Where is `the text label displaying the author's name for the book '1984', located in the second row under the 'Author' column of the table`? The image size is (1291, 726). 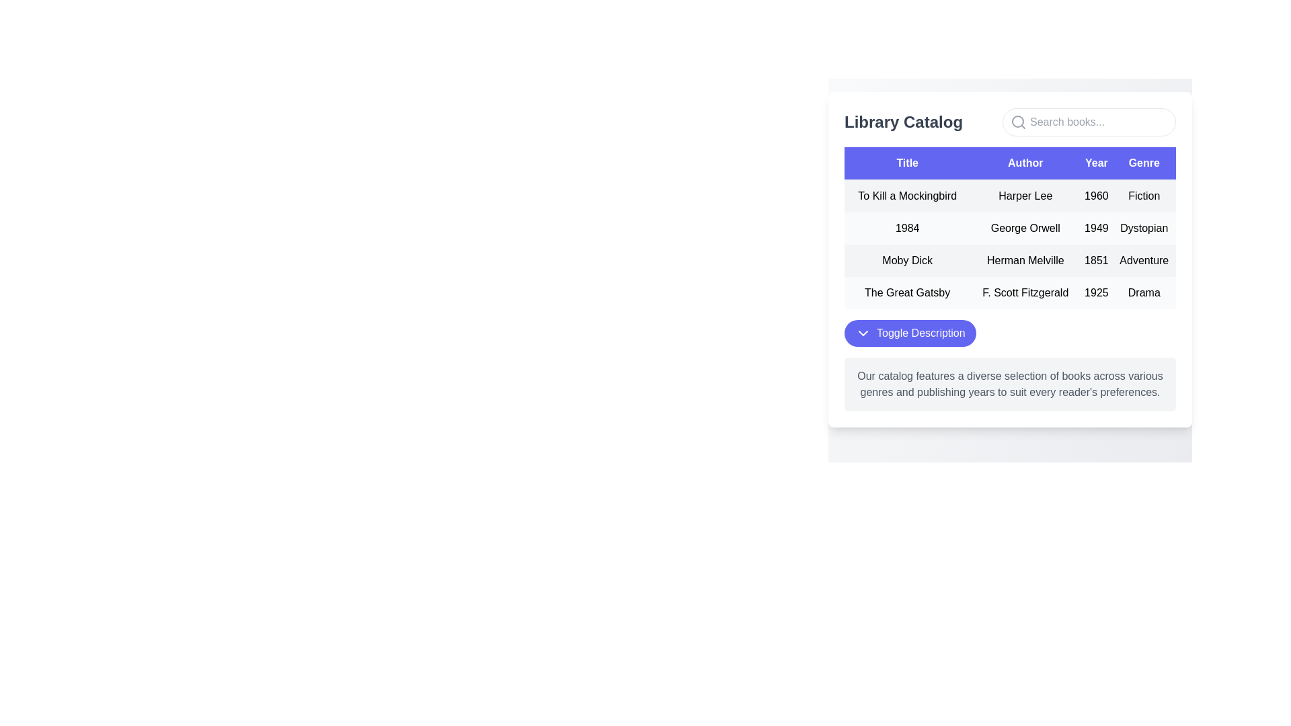 the text label displaying the author's name for the book '1984', located in the second row under the 'Author' column of the table is located at coordinates (1025, 227).